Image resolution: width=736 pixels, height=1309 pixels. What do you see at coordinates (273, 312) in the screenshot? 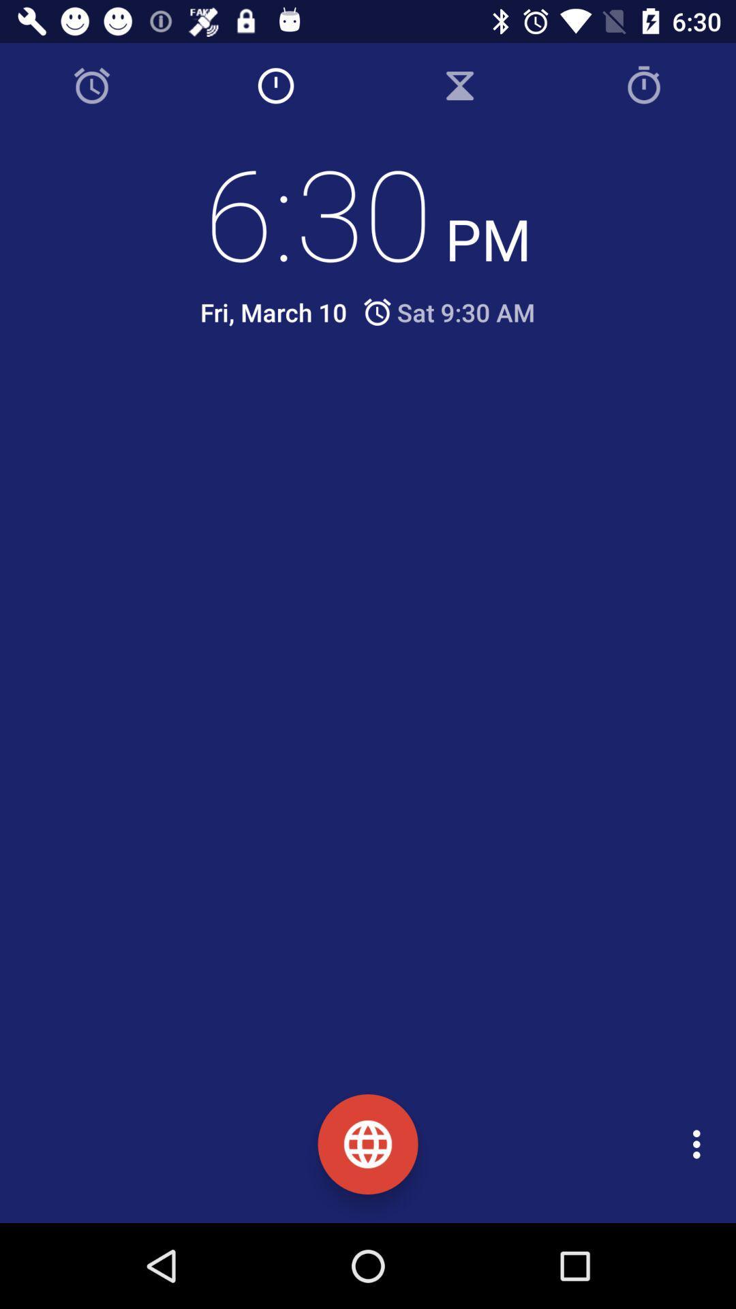
I see `the icon next to the sat 9 30 icon` at bounding box center [273, 312].